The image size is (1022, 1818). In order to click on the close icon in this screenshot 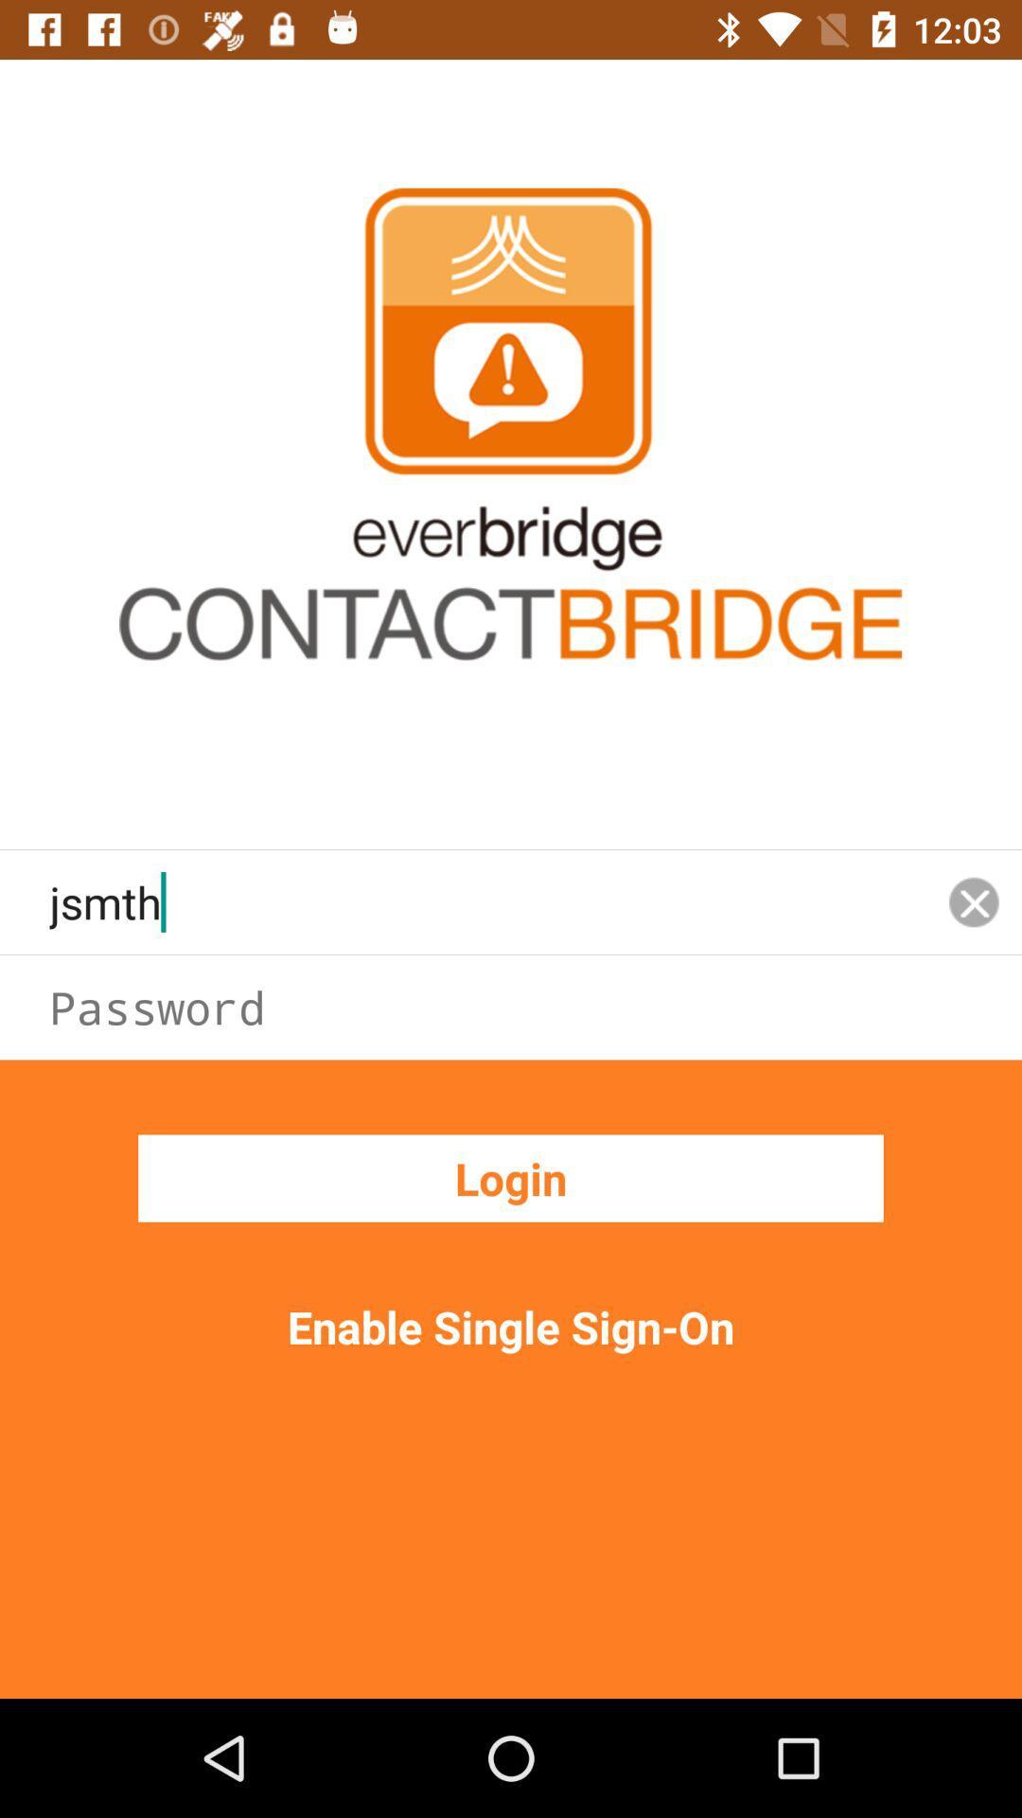, I will do `click(974, 900)`.